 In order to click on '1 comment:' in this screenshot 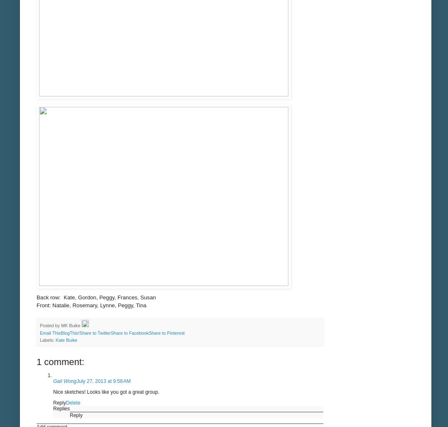, I will do `click(60, 361)`.